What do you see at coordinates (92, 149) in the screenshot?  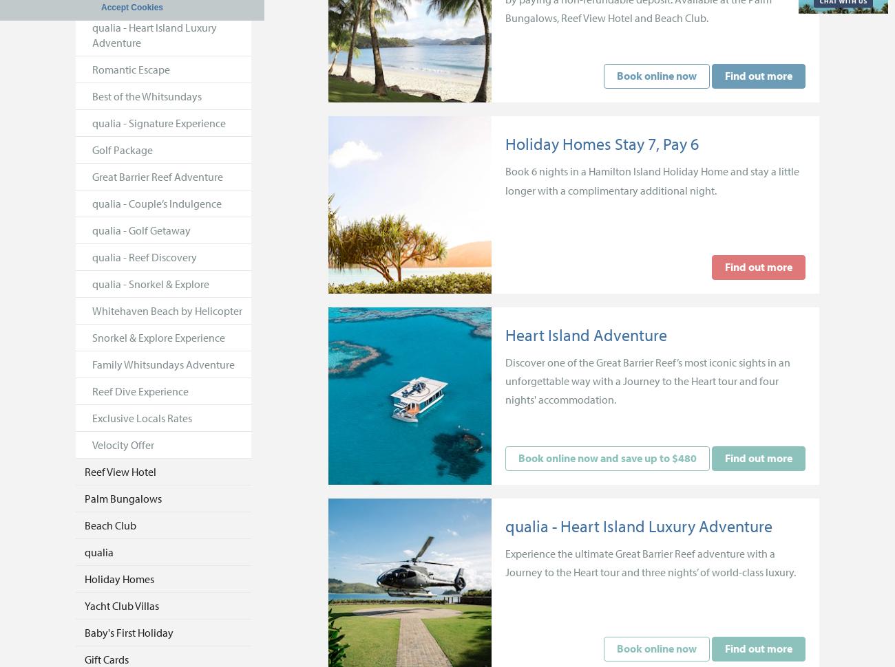 I see `'Golf Package'` at bounding box center [92, 149].